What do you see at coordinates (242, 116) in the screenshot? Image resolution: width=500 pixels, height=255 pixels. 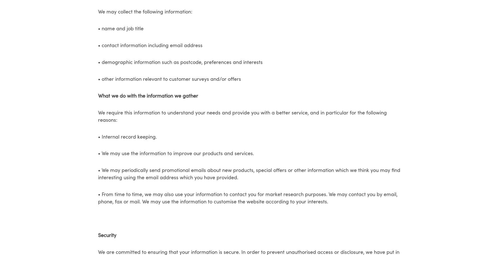 I see `'We require this information to understand your needs and provide you with a better service, and in particular for the following reasons:'` at bounding box center [242, 116].